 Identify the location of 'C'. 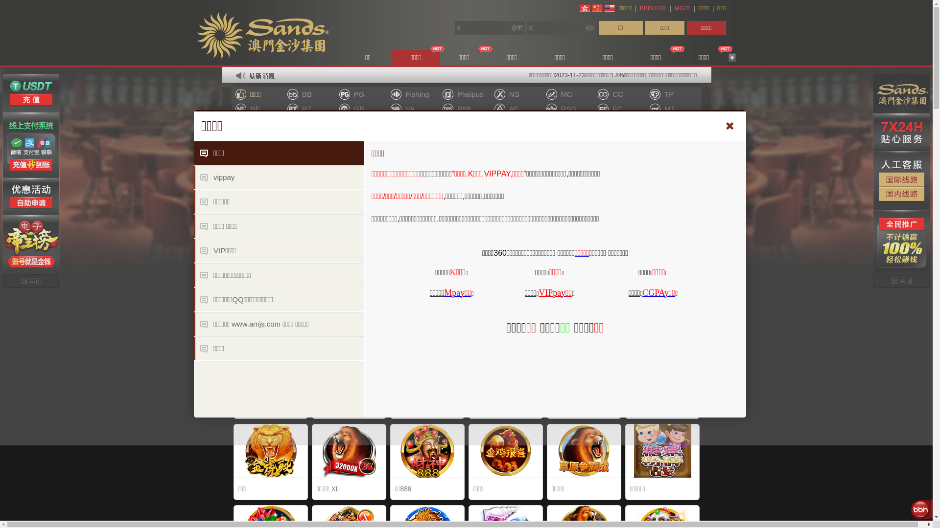
(642, 291).